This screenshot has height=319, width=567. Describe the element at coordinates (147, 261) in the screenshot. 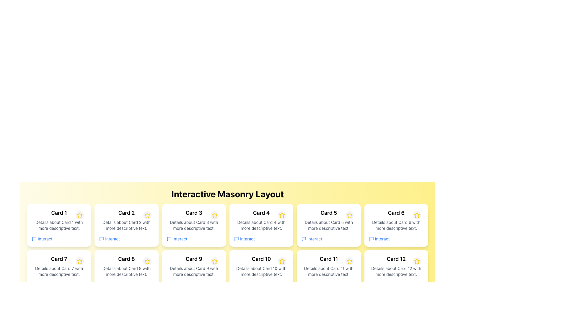

I see `the 'favorite' button in the top-right corner of 'Card 8'` at that location.